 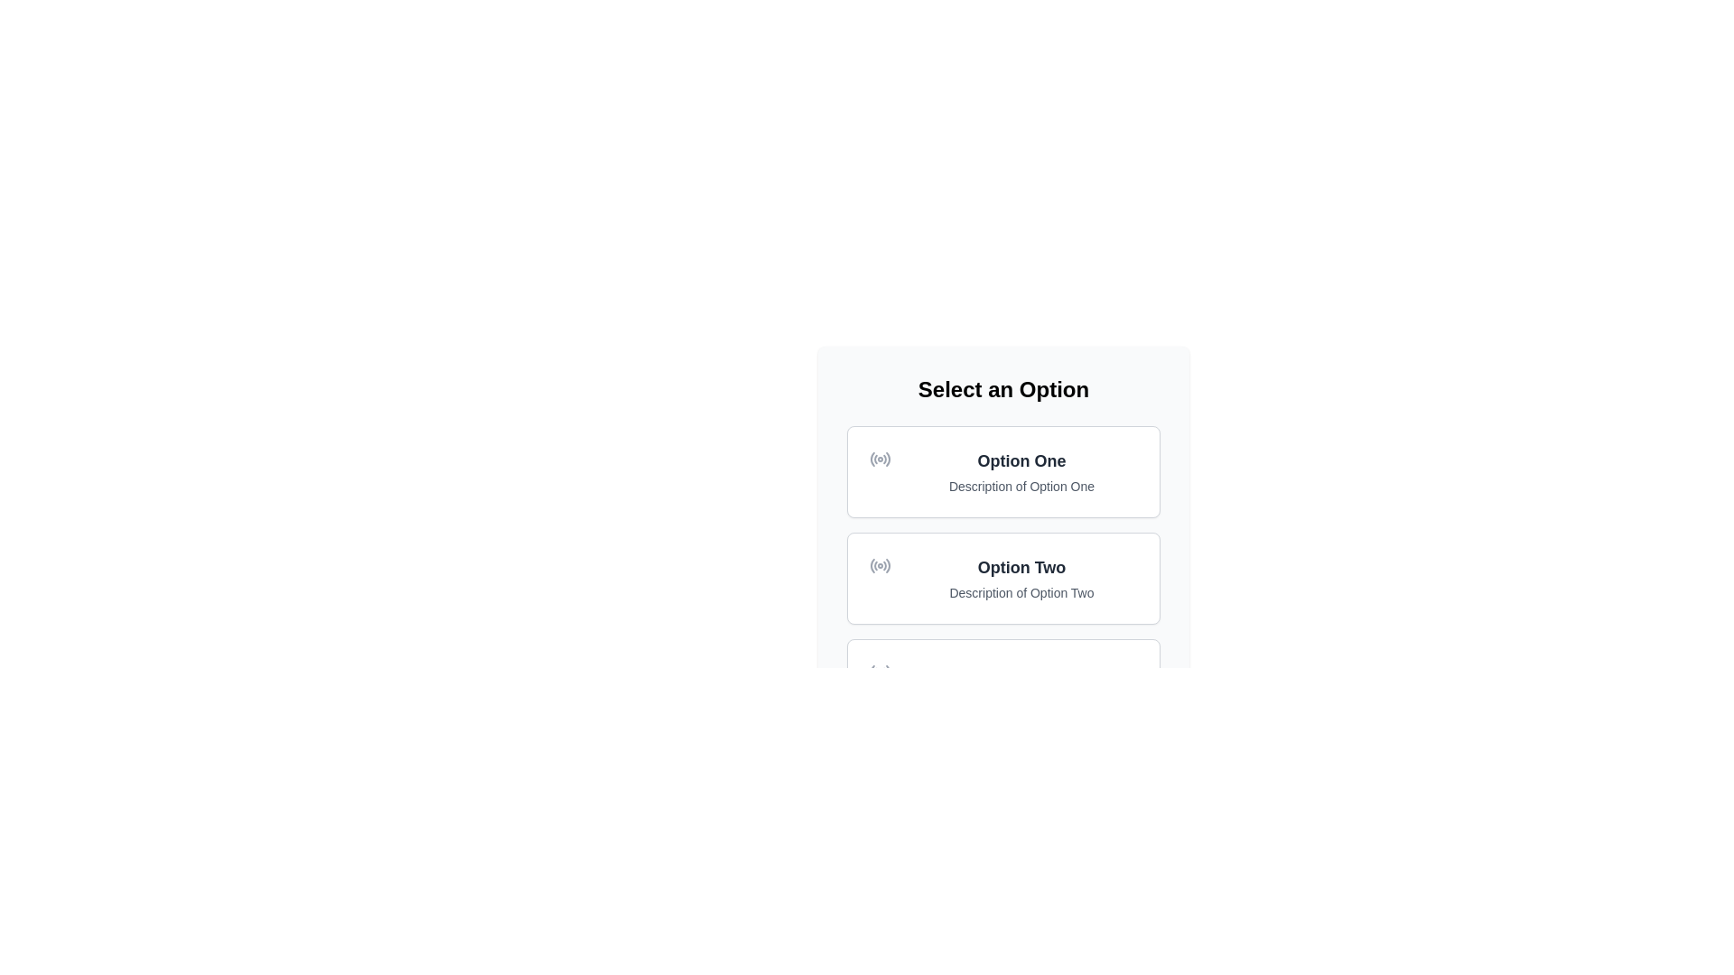 I want to click on text label that describes the option titled 'Option One', which is located beneath the title within a card in a vertically stacked list of options, so click(x=1021, y=486).